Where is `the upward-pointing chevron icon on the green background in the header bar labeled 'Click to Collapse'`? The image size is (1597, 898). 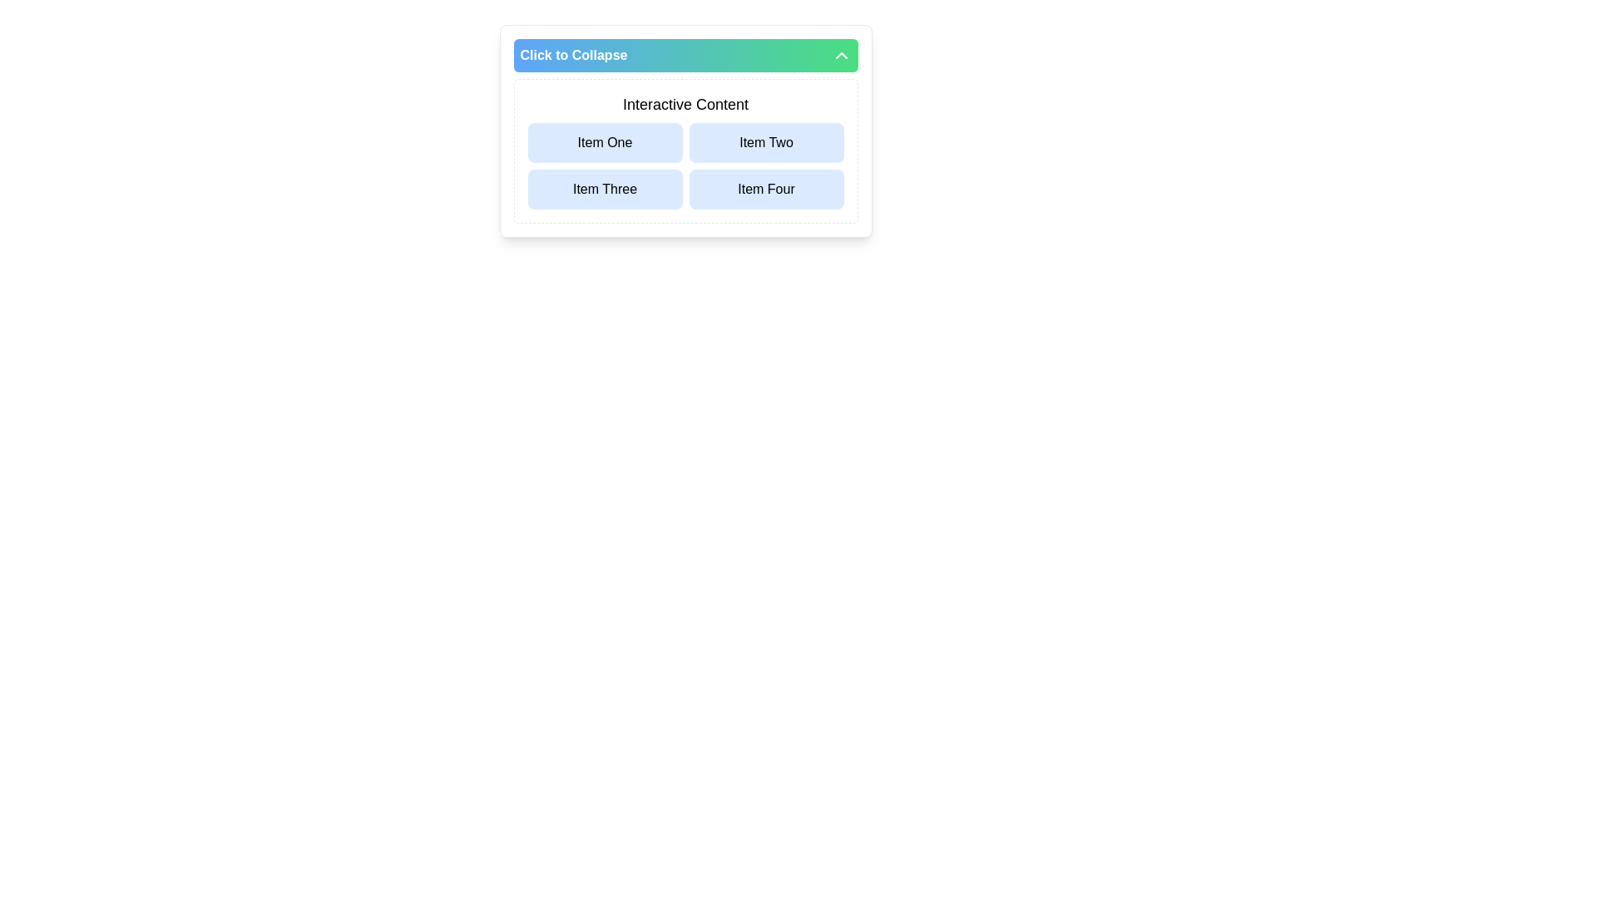 the upward-pointing chevron icon on the green background in the header bar labeled 'Click to Collapse' is located at coordinates (841, 54).